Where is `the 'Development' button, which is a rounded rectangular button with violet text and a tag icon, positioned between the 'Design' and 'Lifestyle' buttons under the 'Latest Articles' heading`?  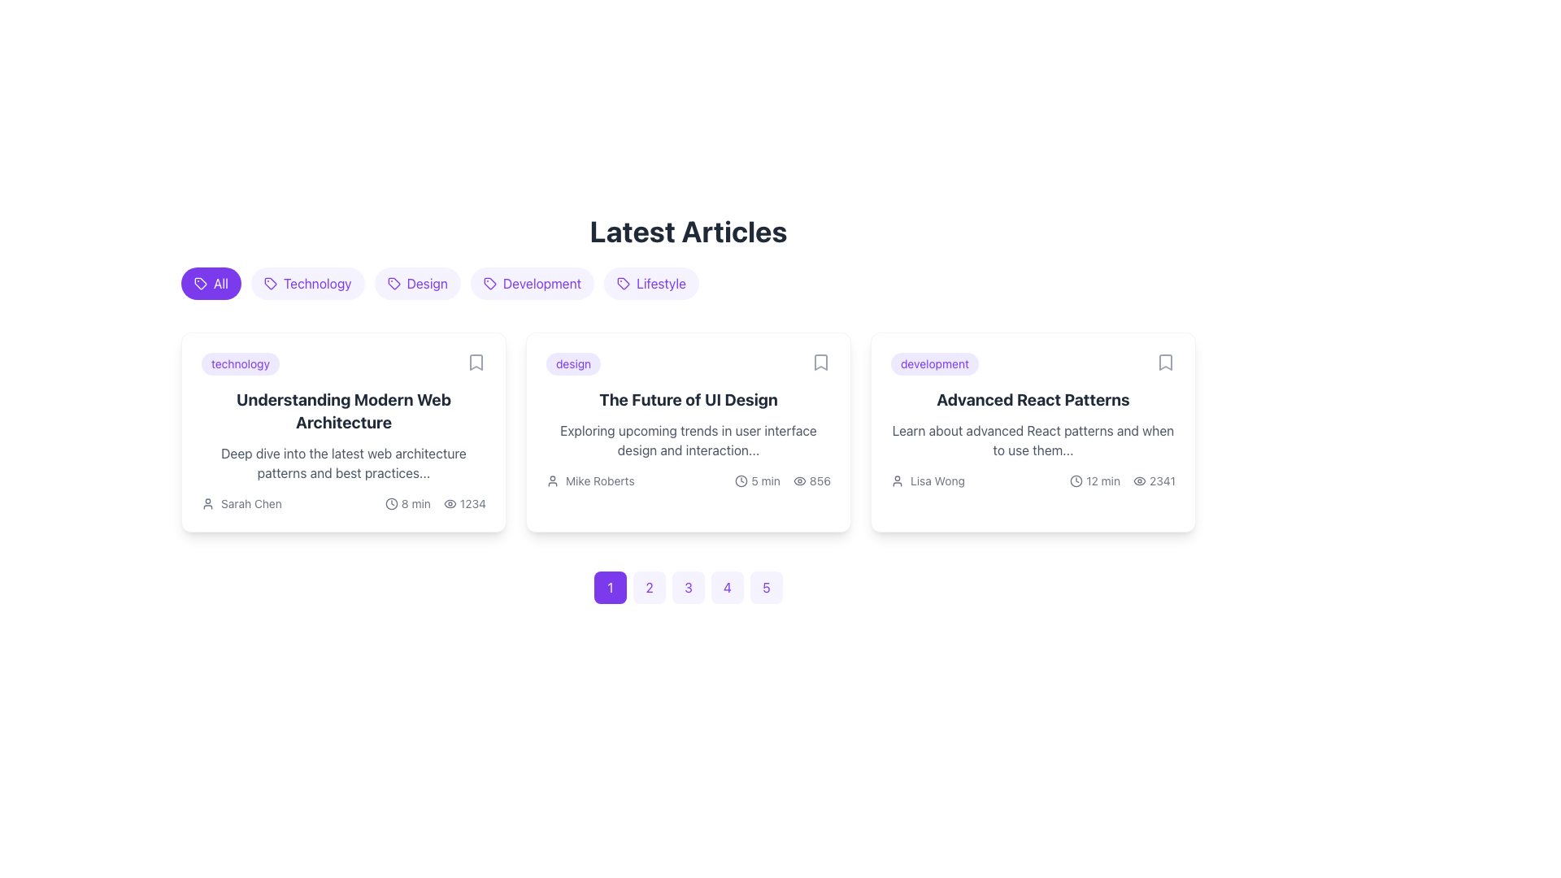 the 'Development' button, which is a rounded rectangular button with violet text and a tag icon, positioned between the 'Design' and 'Lifestyle' buttons under the 'Latest Articles' heading is located at coordinates (533, 282).